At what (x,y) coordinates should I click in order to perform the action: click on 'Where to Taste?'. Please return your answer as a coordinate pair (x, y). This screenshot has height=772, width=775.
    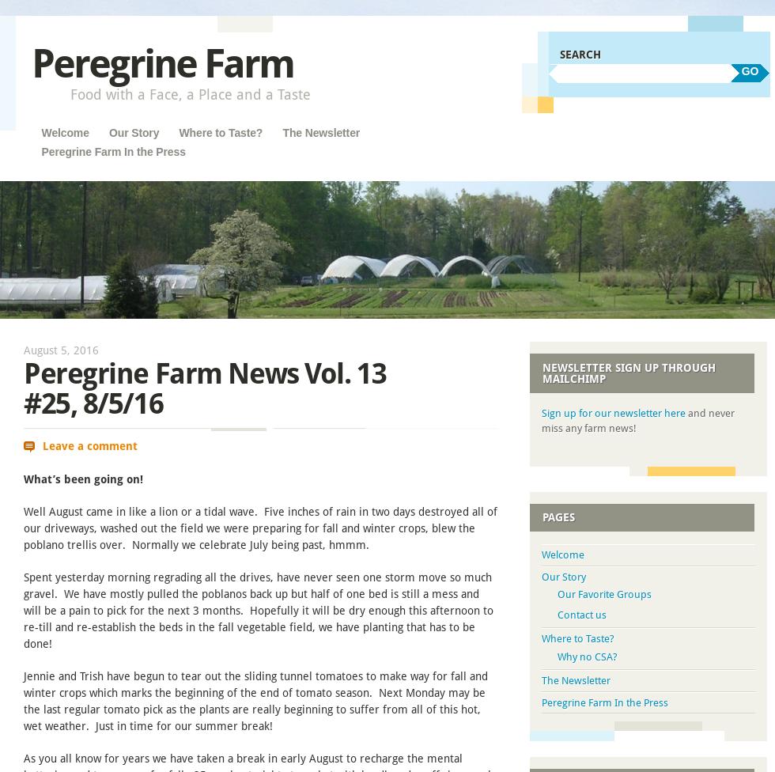
    Looking at the image, I should click on (577, 638).